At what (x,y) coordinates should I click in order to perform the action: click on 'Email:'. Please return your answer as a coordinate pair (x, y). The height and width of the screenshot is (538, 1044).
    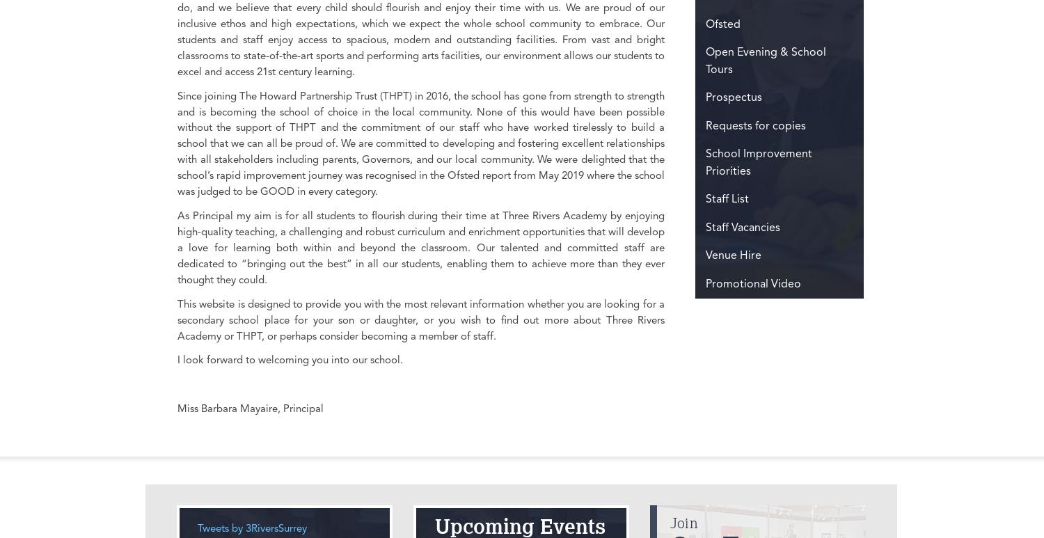
    Looking at the image, I should click on (391, 123).